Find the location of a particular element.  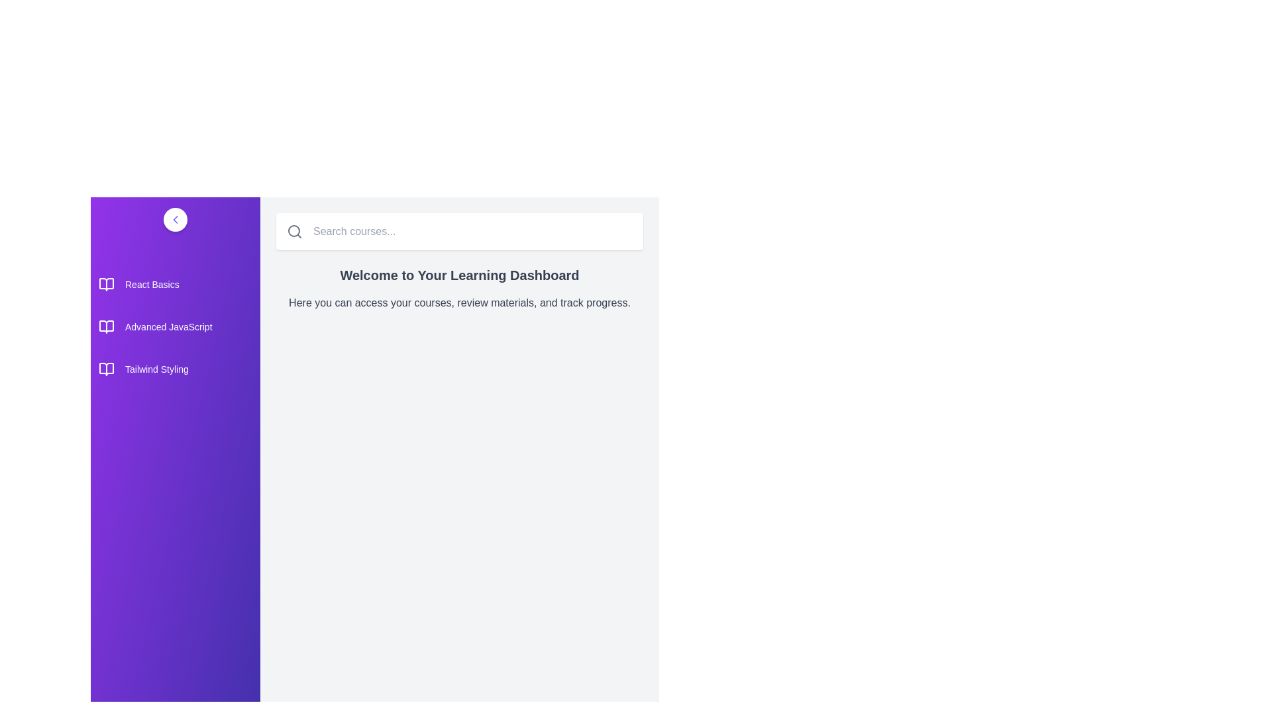

the course titled Tailwind Styling from the list is located at coordinates (174, 369).